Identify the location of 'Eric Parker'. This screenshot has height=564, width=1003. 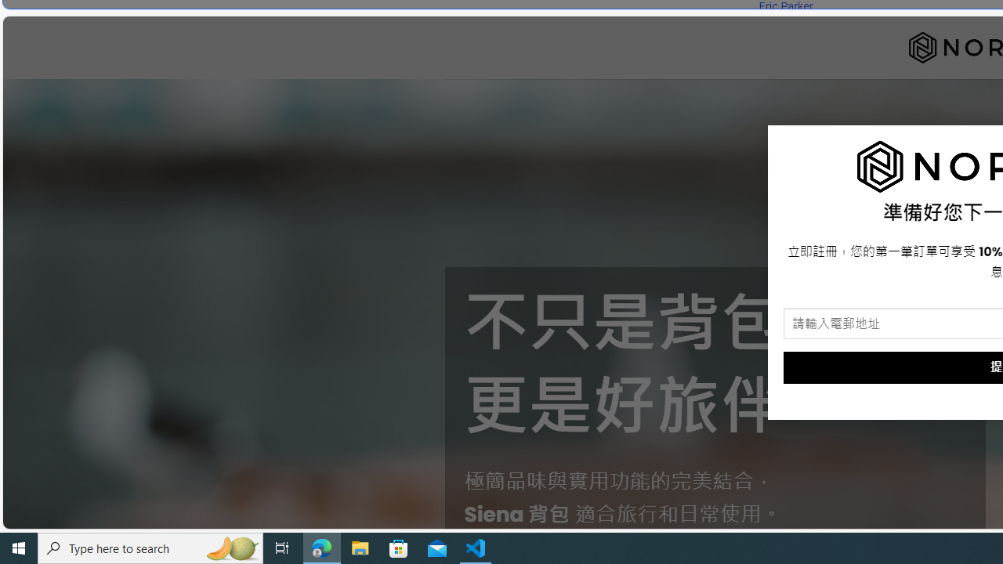
(785, 6).